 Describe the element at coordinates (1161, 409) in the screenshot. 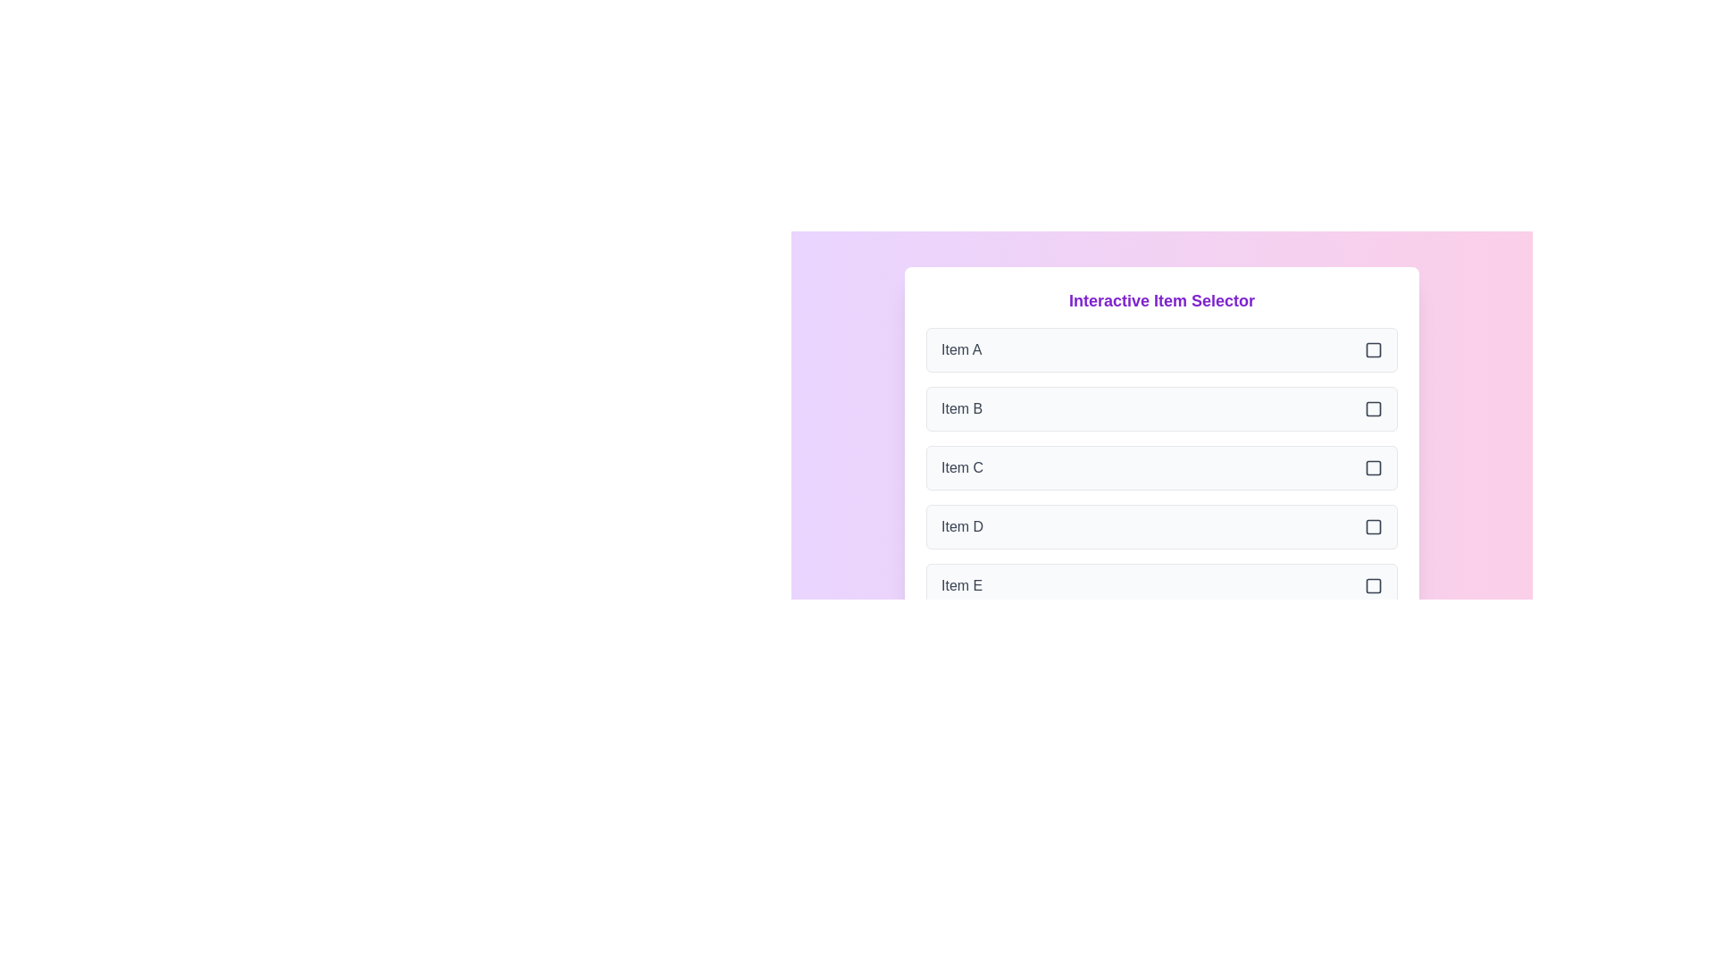

I see `the item Item B to observe its hover effect` at that location.